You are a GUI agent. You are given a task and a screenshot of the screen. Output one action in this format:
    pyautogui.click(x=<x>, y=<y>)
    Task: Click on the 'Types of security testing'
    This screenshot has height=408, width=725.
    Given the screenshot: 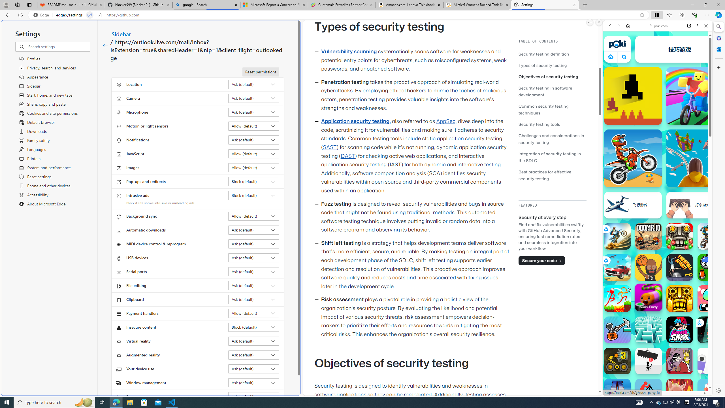 What is the action you would take?
    pyautogui.click(x=552, y=65)
    